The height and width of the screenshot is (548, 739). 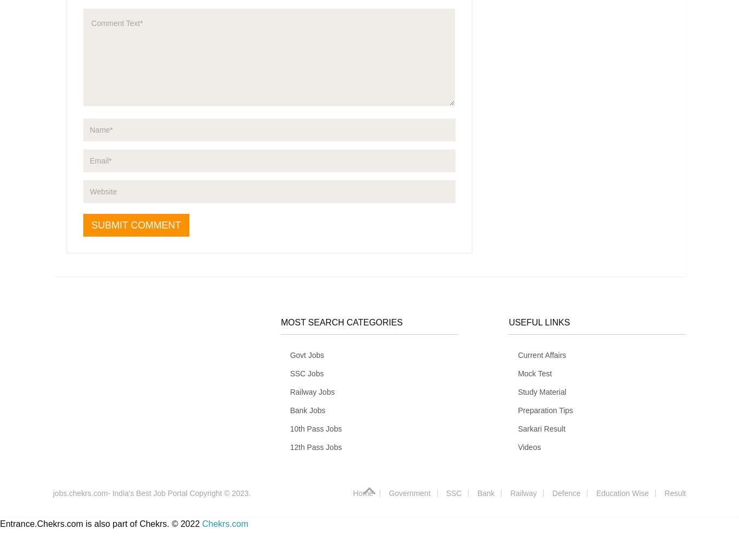 What do you see at coordinates (542, 354) in the screenshot?
I see `'Current Affairs'` at bounding box center [542, 354].